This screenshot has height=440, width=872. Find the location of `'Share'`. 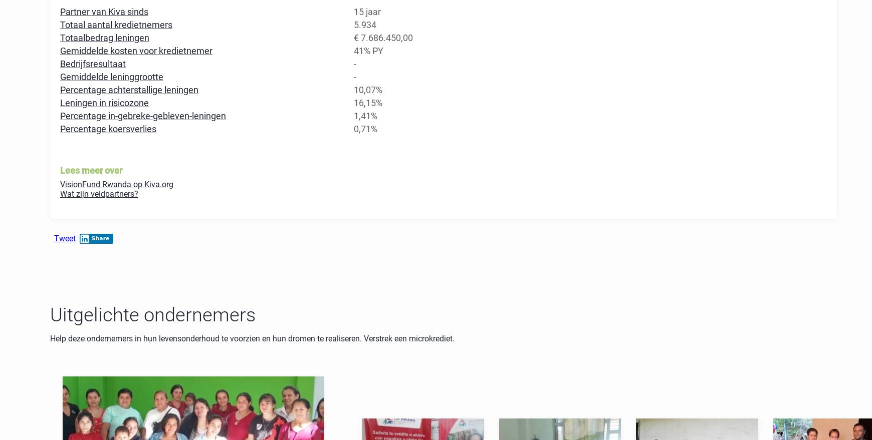

'Share' is located at coordinates (91, 238).